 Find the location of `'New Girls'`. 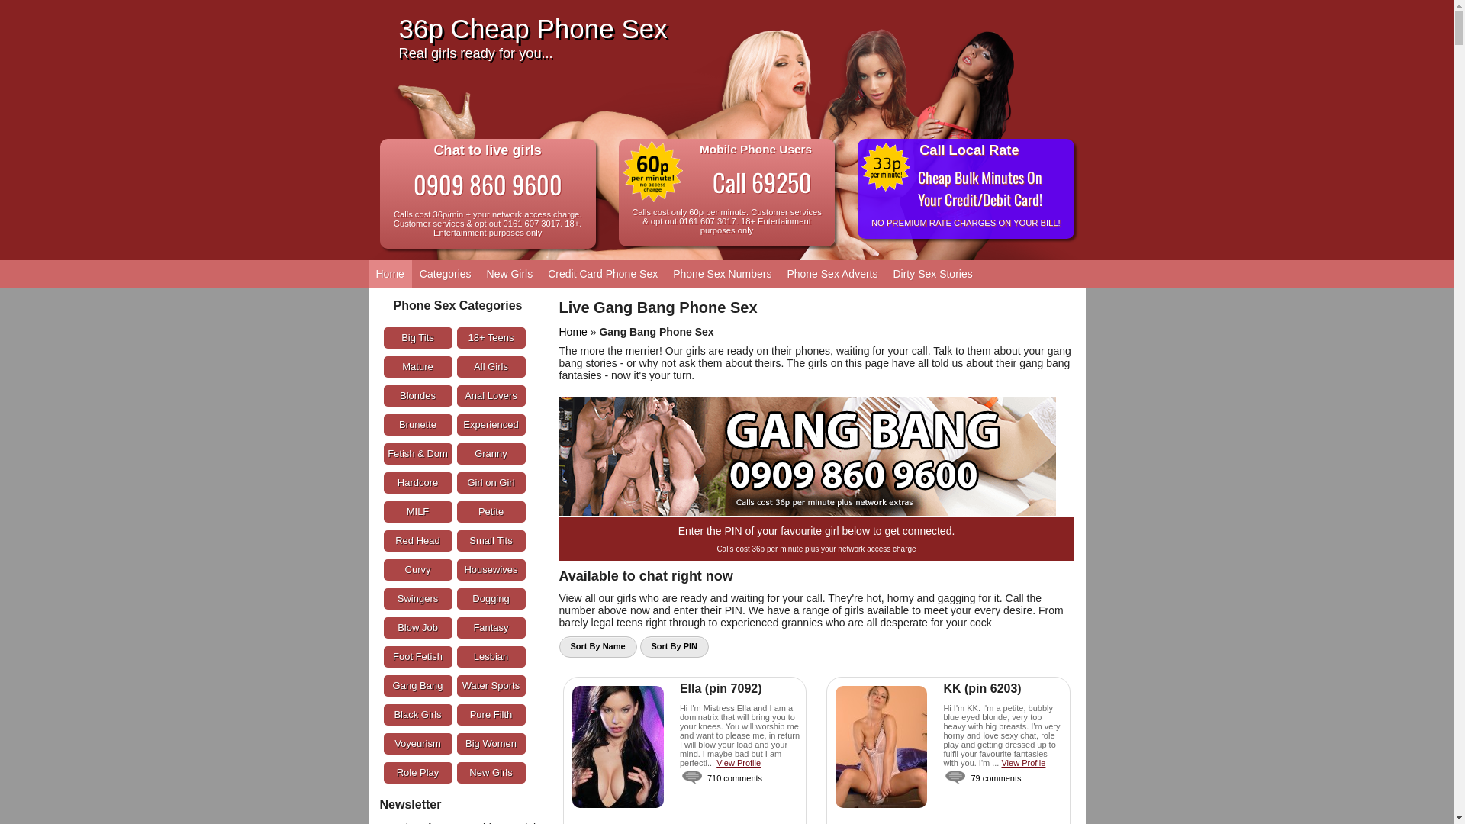

'New Girls' is located at coordinates (510, 272).